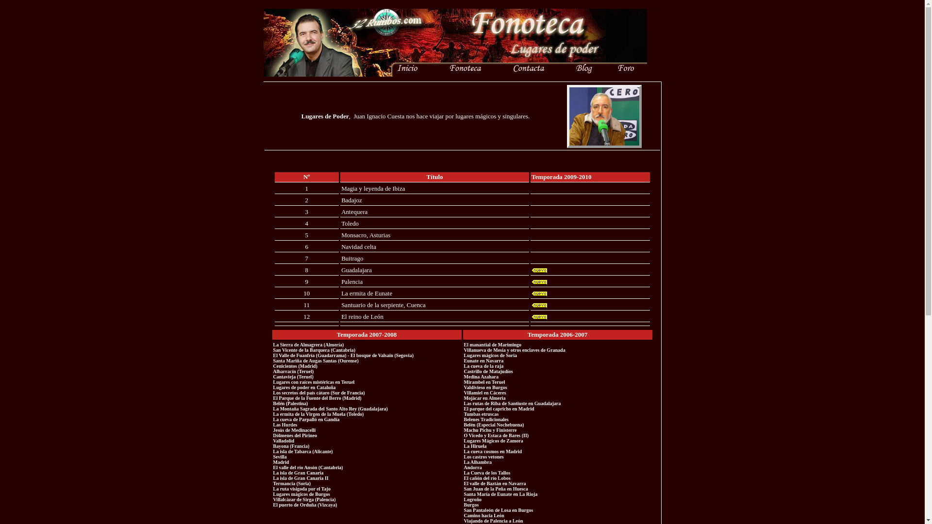  Describe the element at coordinates (349, 223) in the screenshot. I see `'Toledo'` at that location.